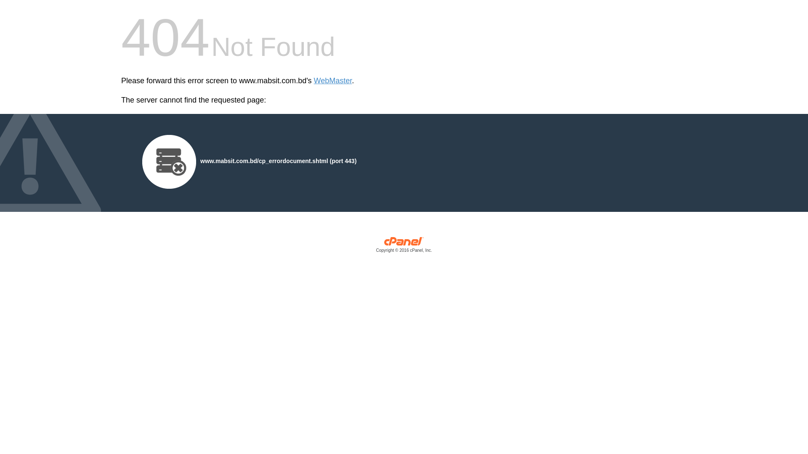  I want to click on 'WebMaster', so click(332, 81).